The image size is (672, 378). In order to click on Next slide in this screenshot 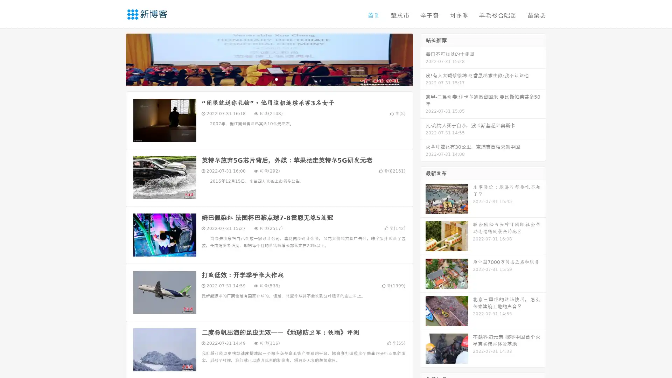, I will do `click(423, 59)`.